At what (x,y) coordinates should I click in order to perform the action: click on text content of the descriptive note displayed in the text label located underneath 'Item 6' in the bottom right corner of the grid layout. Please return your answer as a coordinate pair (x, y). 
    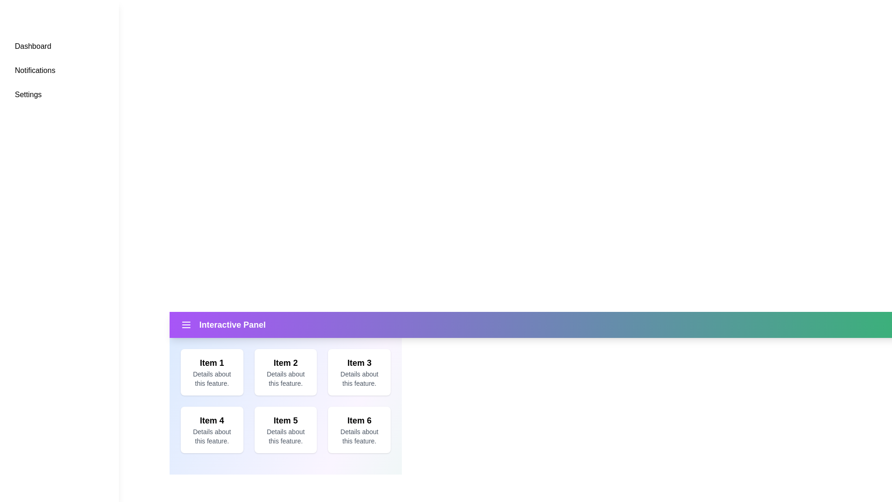
    Looking at the image, I should click on (359, 436).